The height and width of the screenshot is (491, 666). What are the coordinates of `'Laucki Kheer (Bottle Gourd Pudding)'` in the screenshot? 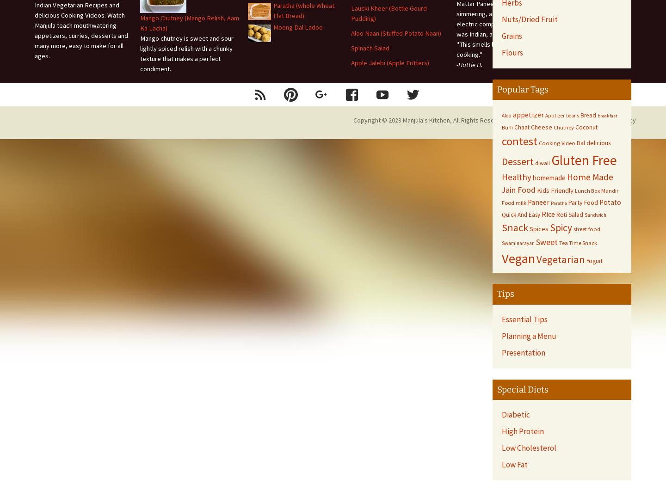 It's located at (388, 13).